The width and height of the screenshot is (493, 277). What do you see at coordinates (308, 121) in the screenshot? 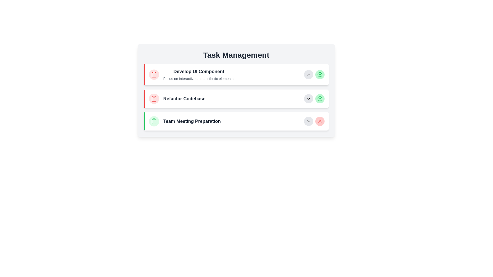
I see `the Dropdown toggle button` at bounding box center [308, 121].